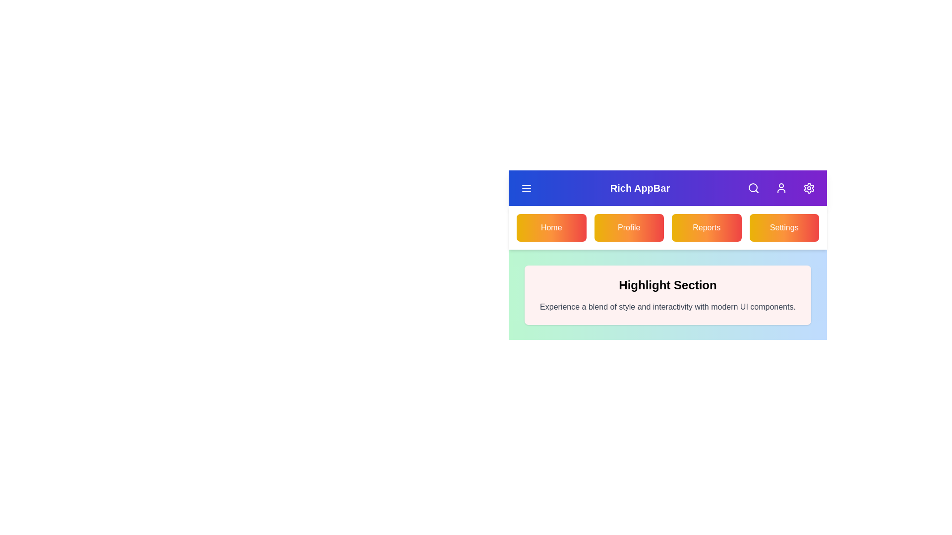 Image resolution: width=952 pixels, height=535 pixels. I want to click on the button labeled Menu to observe its hover effect, so click(526, 188).